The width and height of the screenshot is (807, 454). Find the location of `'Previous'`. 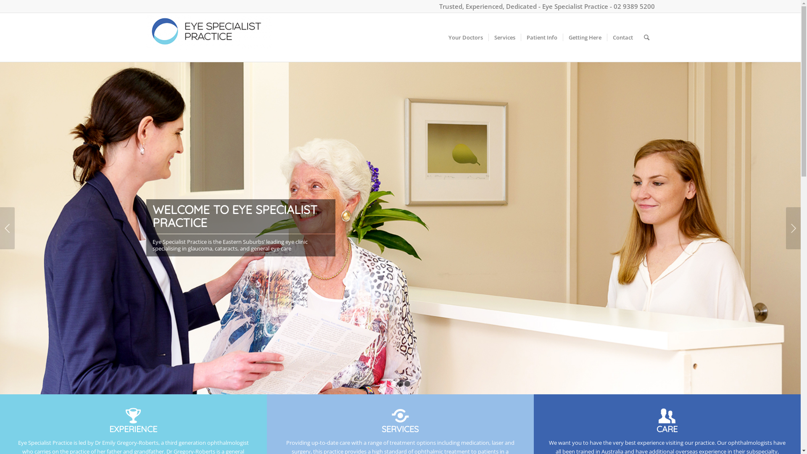

'Previous' is located at coordinates (7, 228).